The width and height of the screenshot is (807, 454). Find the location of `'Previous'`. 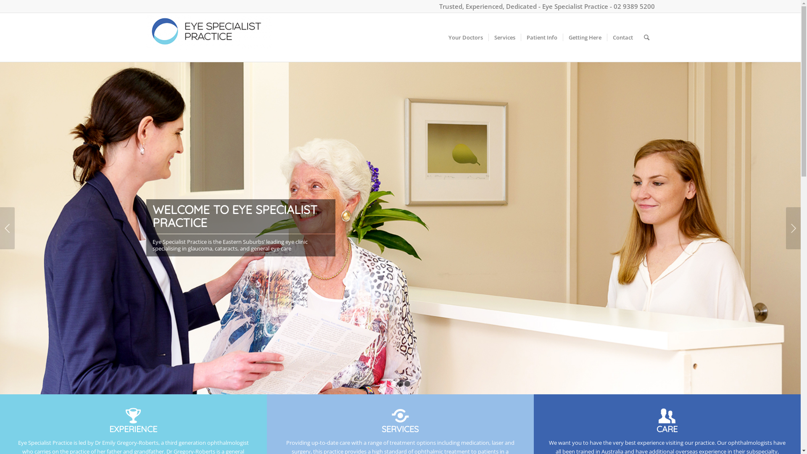

'Previous' is located at coordinates (7, 228).